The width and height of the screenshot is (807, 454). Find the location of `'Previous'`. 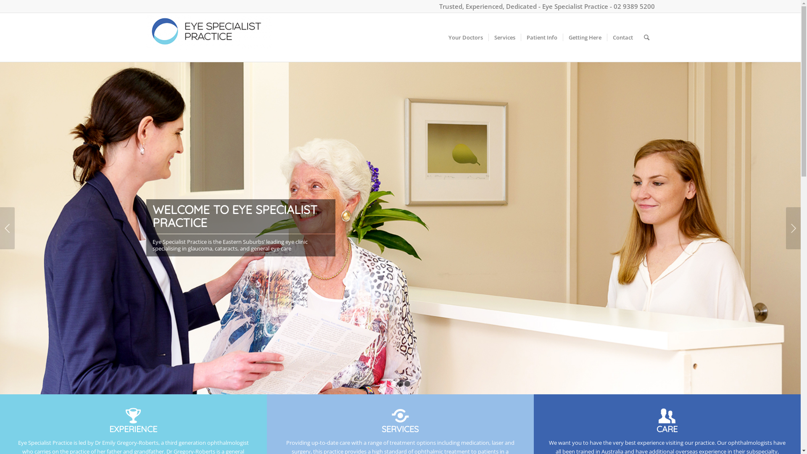

'Previous' is located at coordinates (7, 228).